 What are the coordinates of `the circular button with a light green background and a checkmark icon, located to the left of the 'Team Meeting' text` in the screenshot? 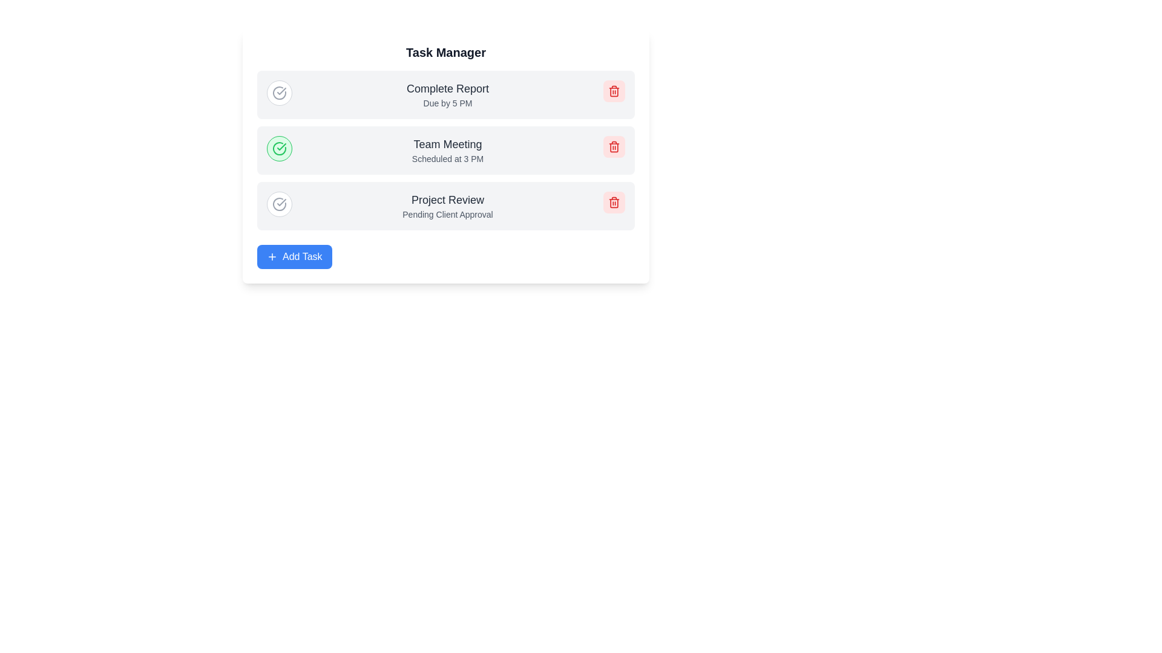 It's located at (278, 148).